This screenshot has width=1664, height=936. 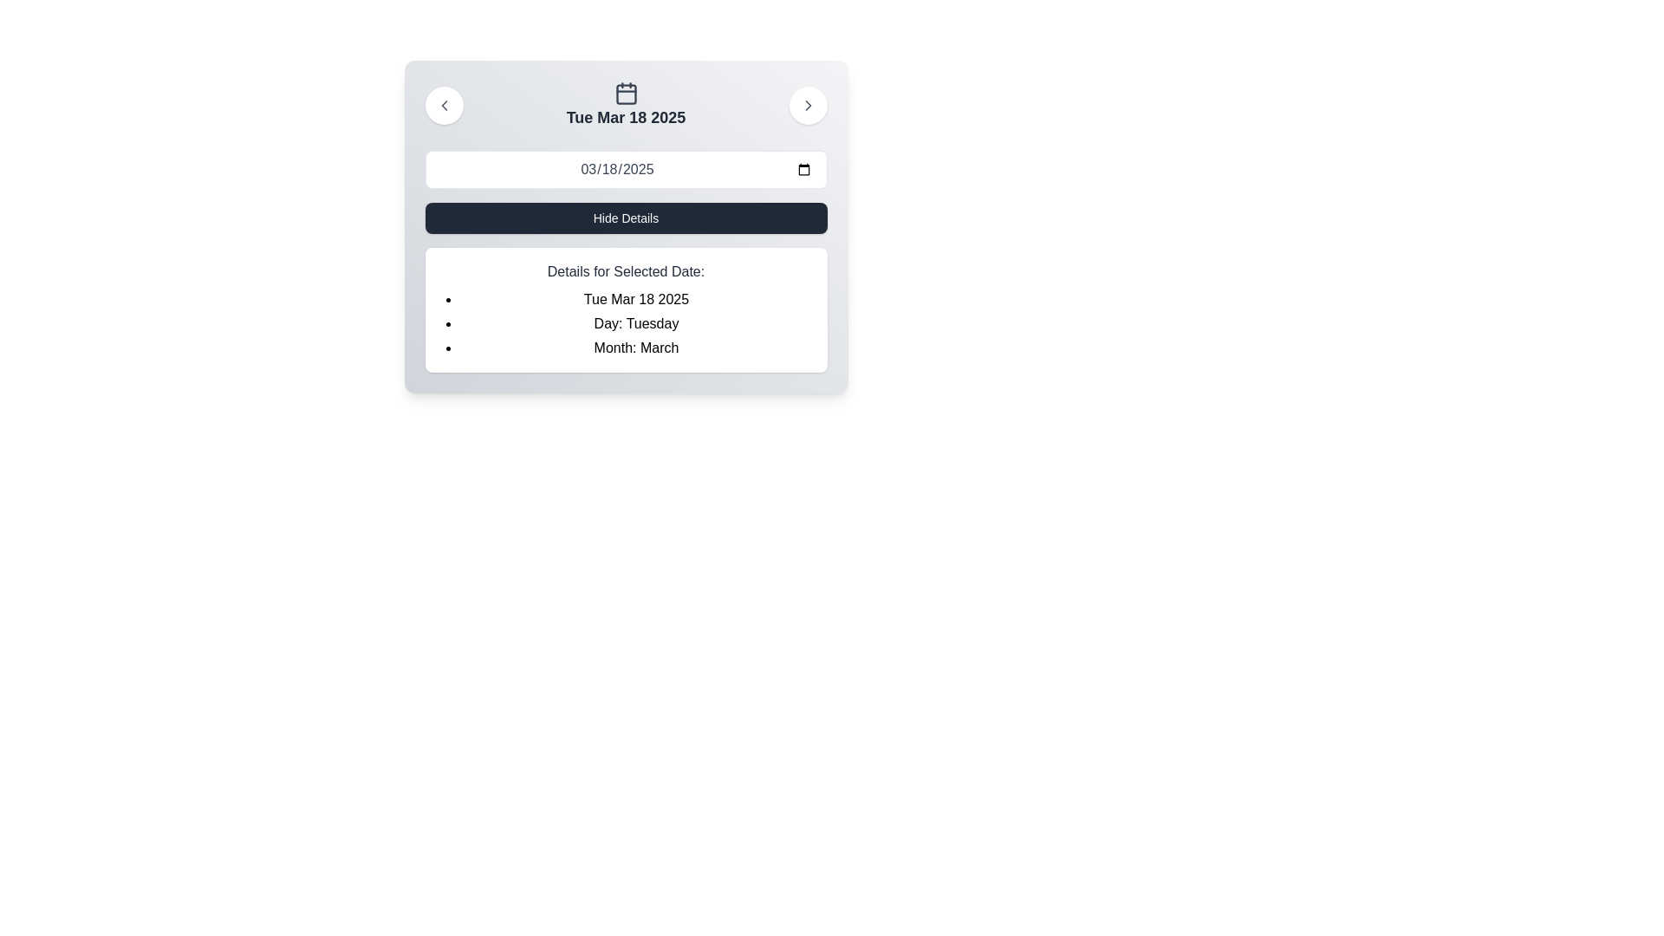 What do you see at coordinates (635, 324) in the screenshot?
I see `the text label displaying 'Day: Tuesday' which is the second item in the unordered list, located below the heading 'Details for Selected Date:'` at bounding box center [635, 324].